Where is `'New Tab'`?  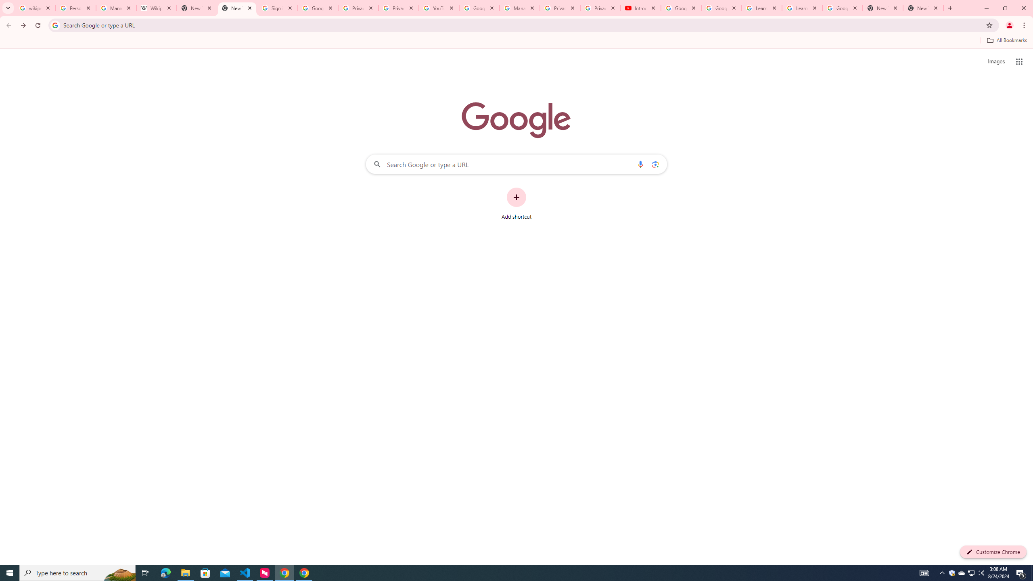 'New Tab' is located at coordinates (883, 8).